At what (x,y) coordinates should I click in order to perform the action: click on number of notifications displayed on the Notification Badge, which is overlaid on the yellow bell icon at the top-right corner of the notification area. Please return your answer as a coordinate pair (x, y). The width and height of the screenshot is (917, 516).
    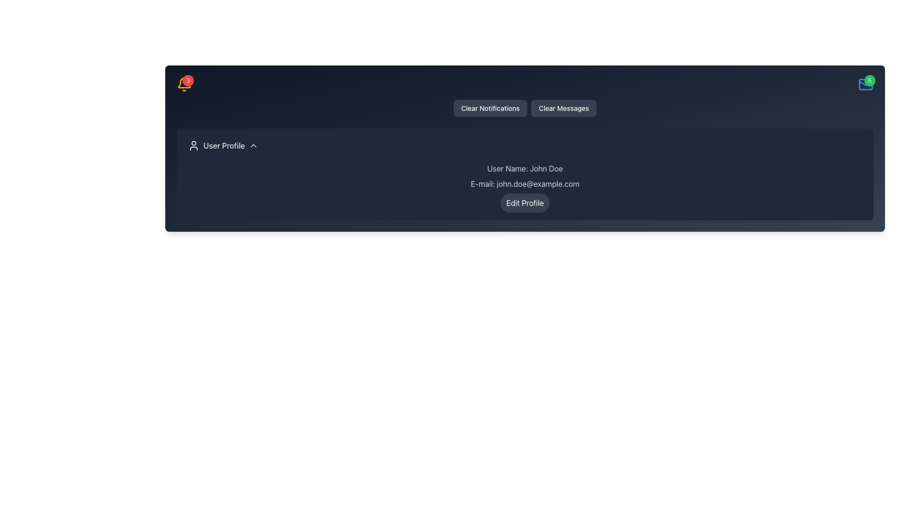
    Looking at the image, I should click on (184, 84).